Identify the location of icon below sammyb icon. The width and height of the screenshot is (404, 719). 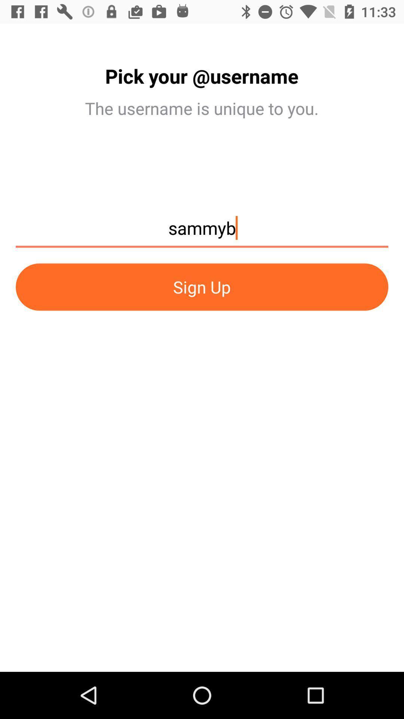
(202, 286).